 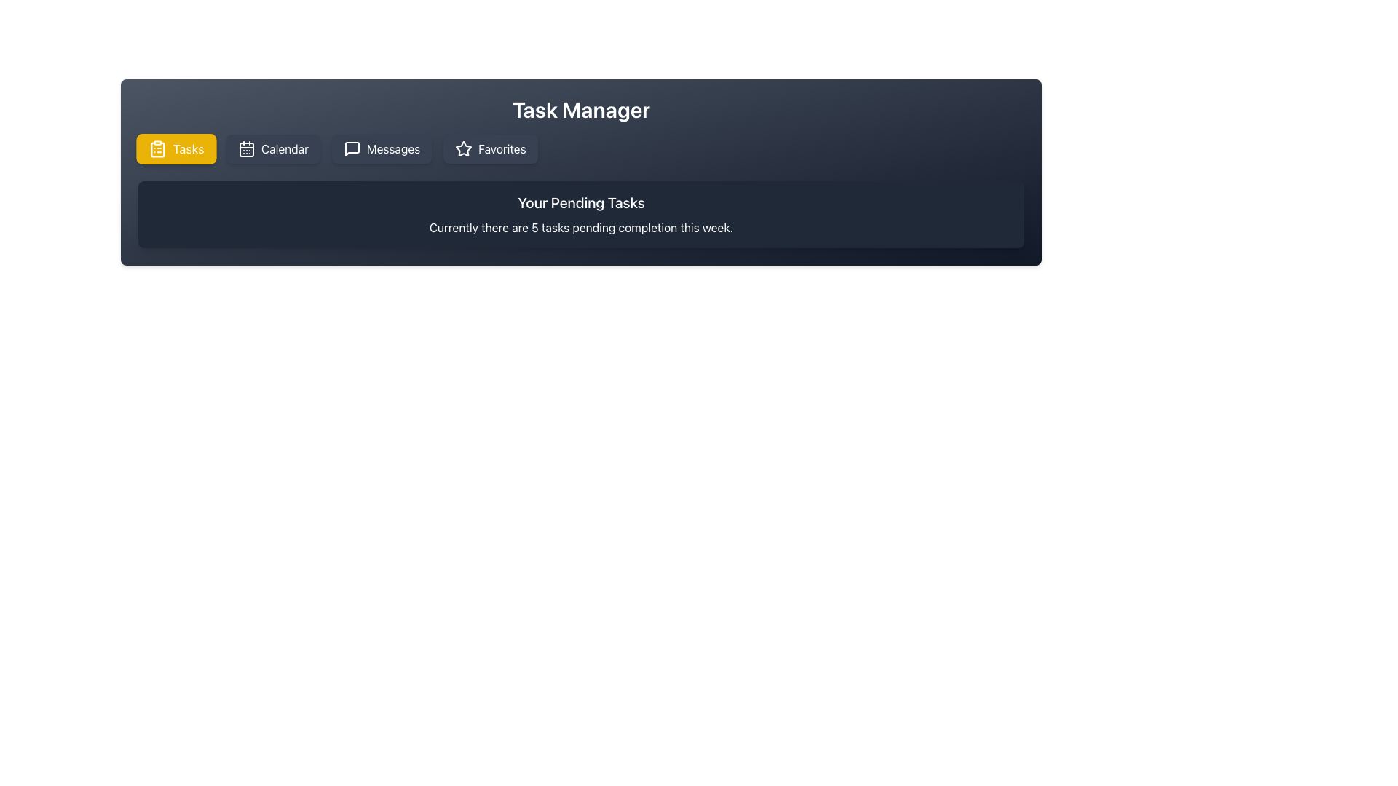 I want to click on the 'Favorites' button, which is the fourth button in a row of navigation buttons at the top-center of the page, to activate styling changes, so click(x=490, y=148).